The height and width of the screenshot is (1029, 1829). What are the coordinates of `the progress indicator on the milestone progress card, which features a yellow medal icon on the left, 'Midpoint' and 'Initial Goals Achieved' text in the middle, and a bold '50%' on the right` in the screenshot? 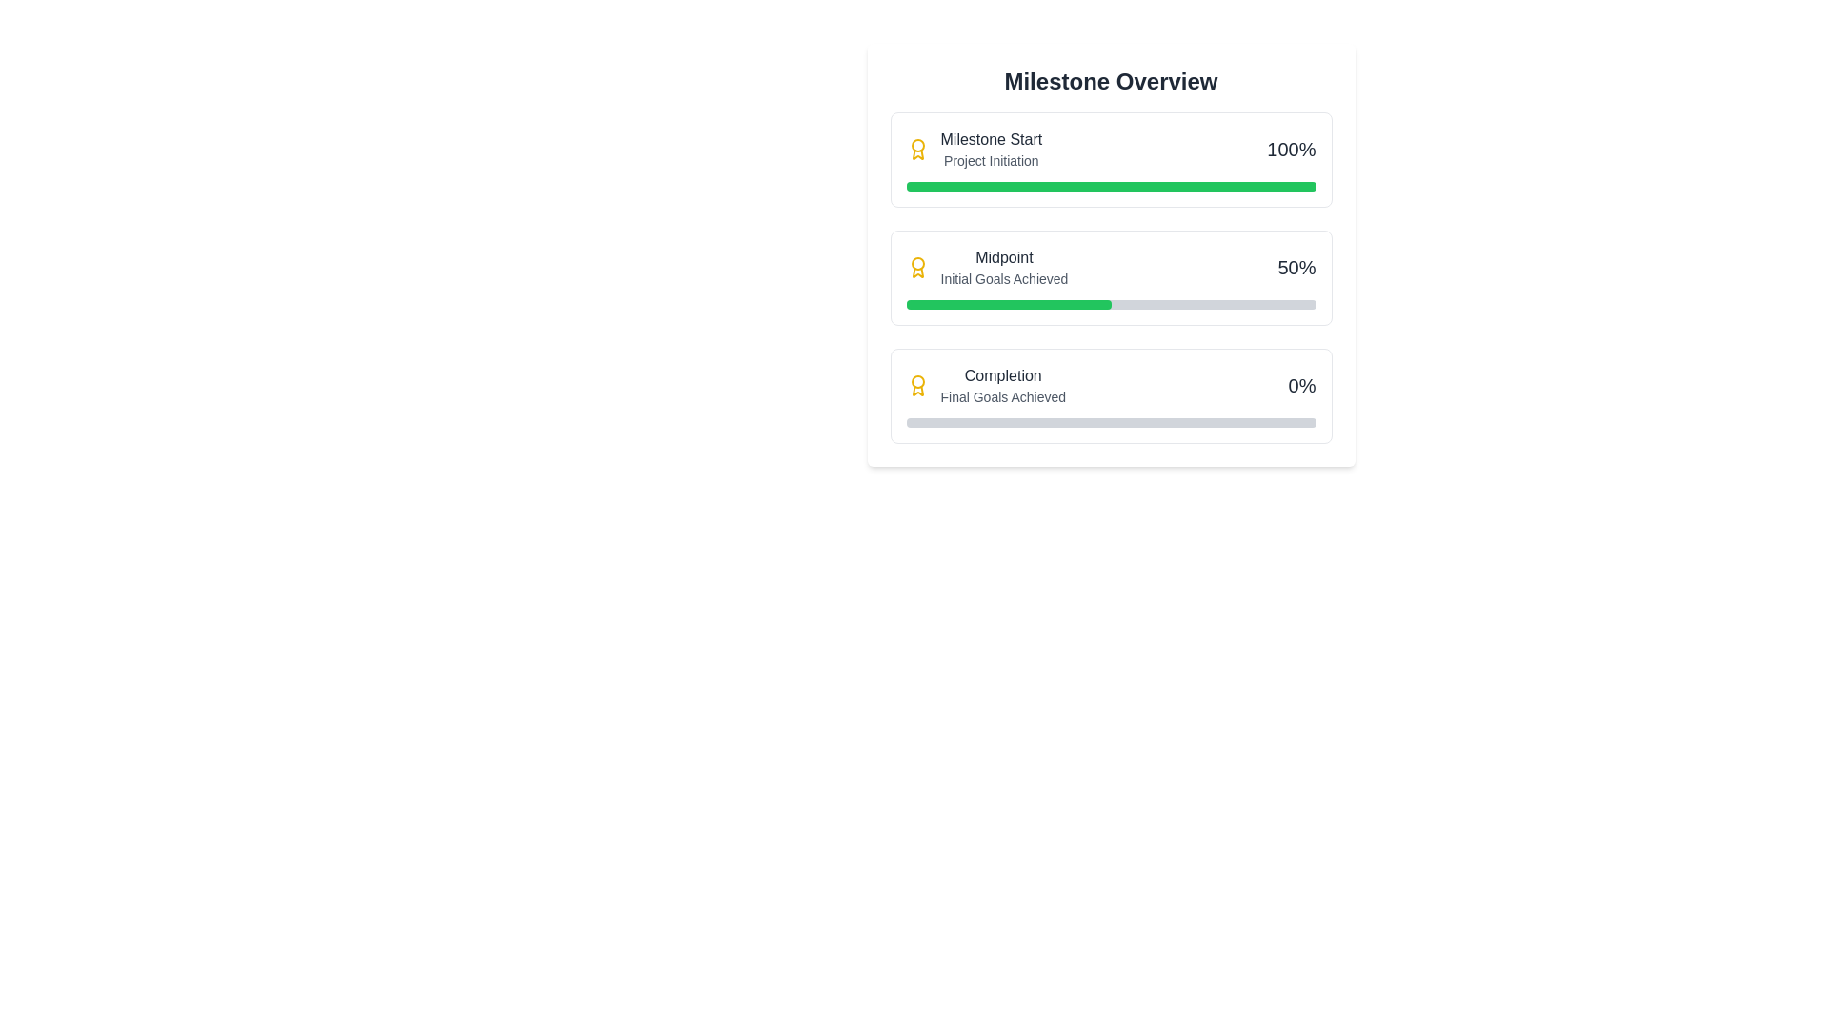 It's located at (1111, 278).